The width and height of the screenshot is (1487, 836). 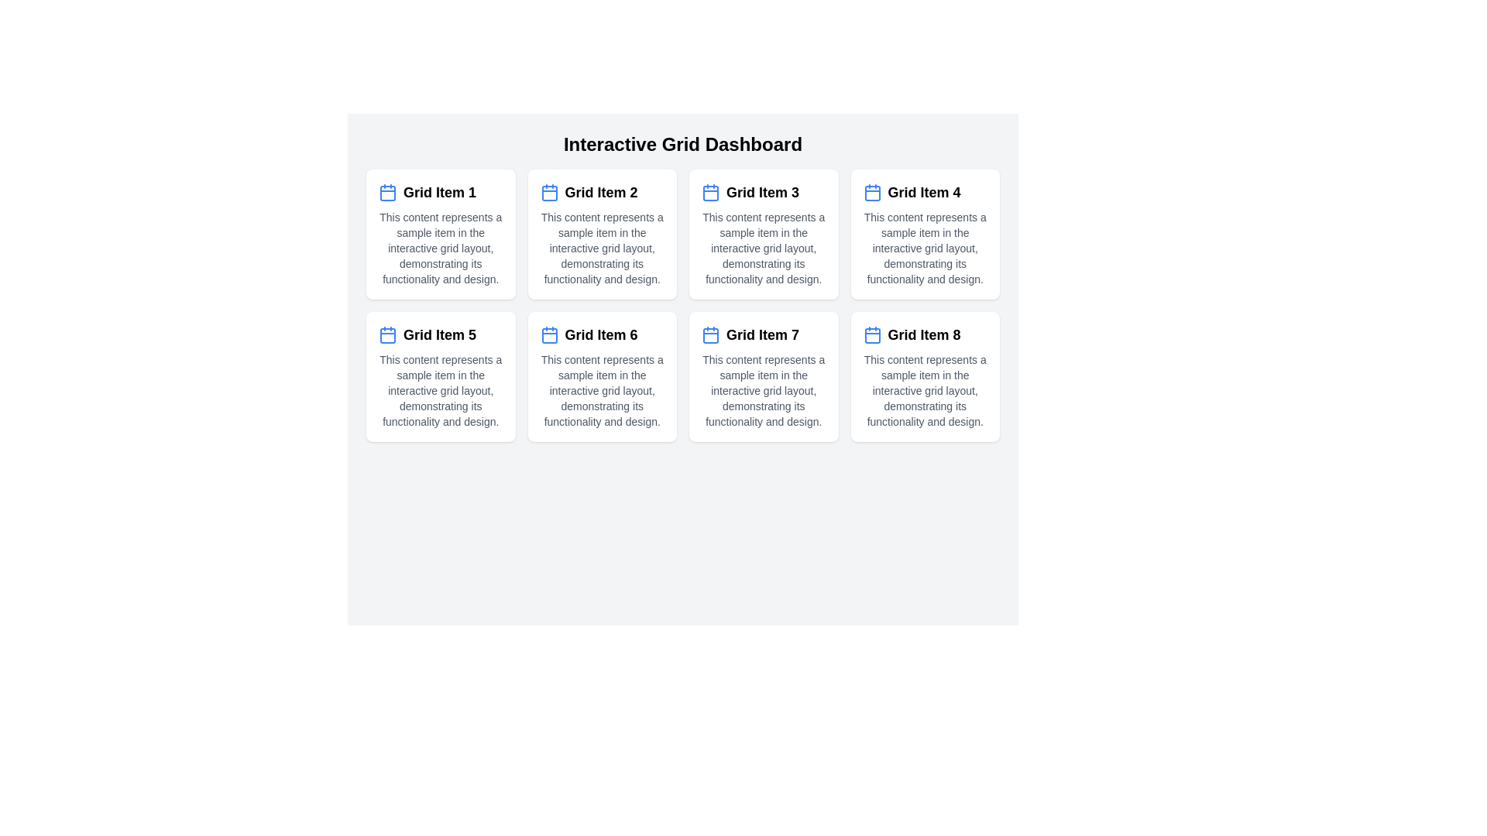 What do you see at coordinates (872, 335) in the screenshot?
I see `small rounded rectangle element within the calendar icon in 'Grid Item 8' using developer tools` at bounding box center [872, 335].